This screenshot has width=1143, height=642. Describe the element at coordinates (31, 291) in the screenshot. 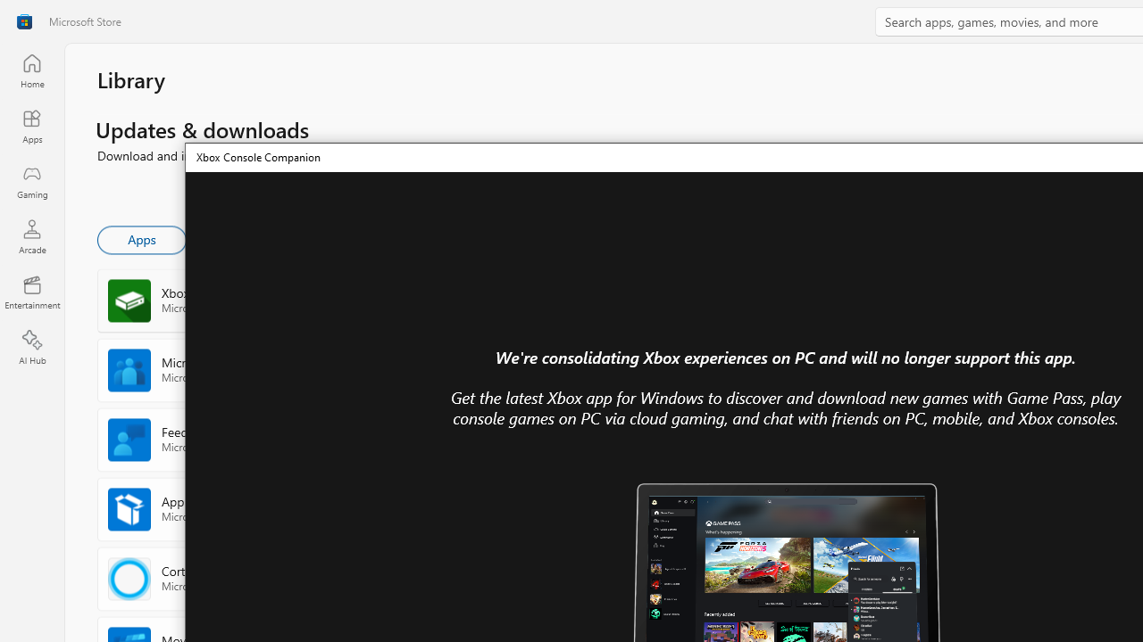

I see `'Entertainment'` at that location.